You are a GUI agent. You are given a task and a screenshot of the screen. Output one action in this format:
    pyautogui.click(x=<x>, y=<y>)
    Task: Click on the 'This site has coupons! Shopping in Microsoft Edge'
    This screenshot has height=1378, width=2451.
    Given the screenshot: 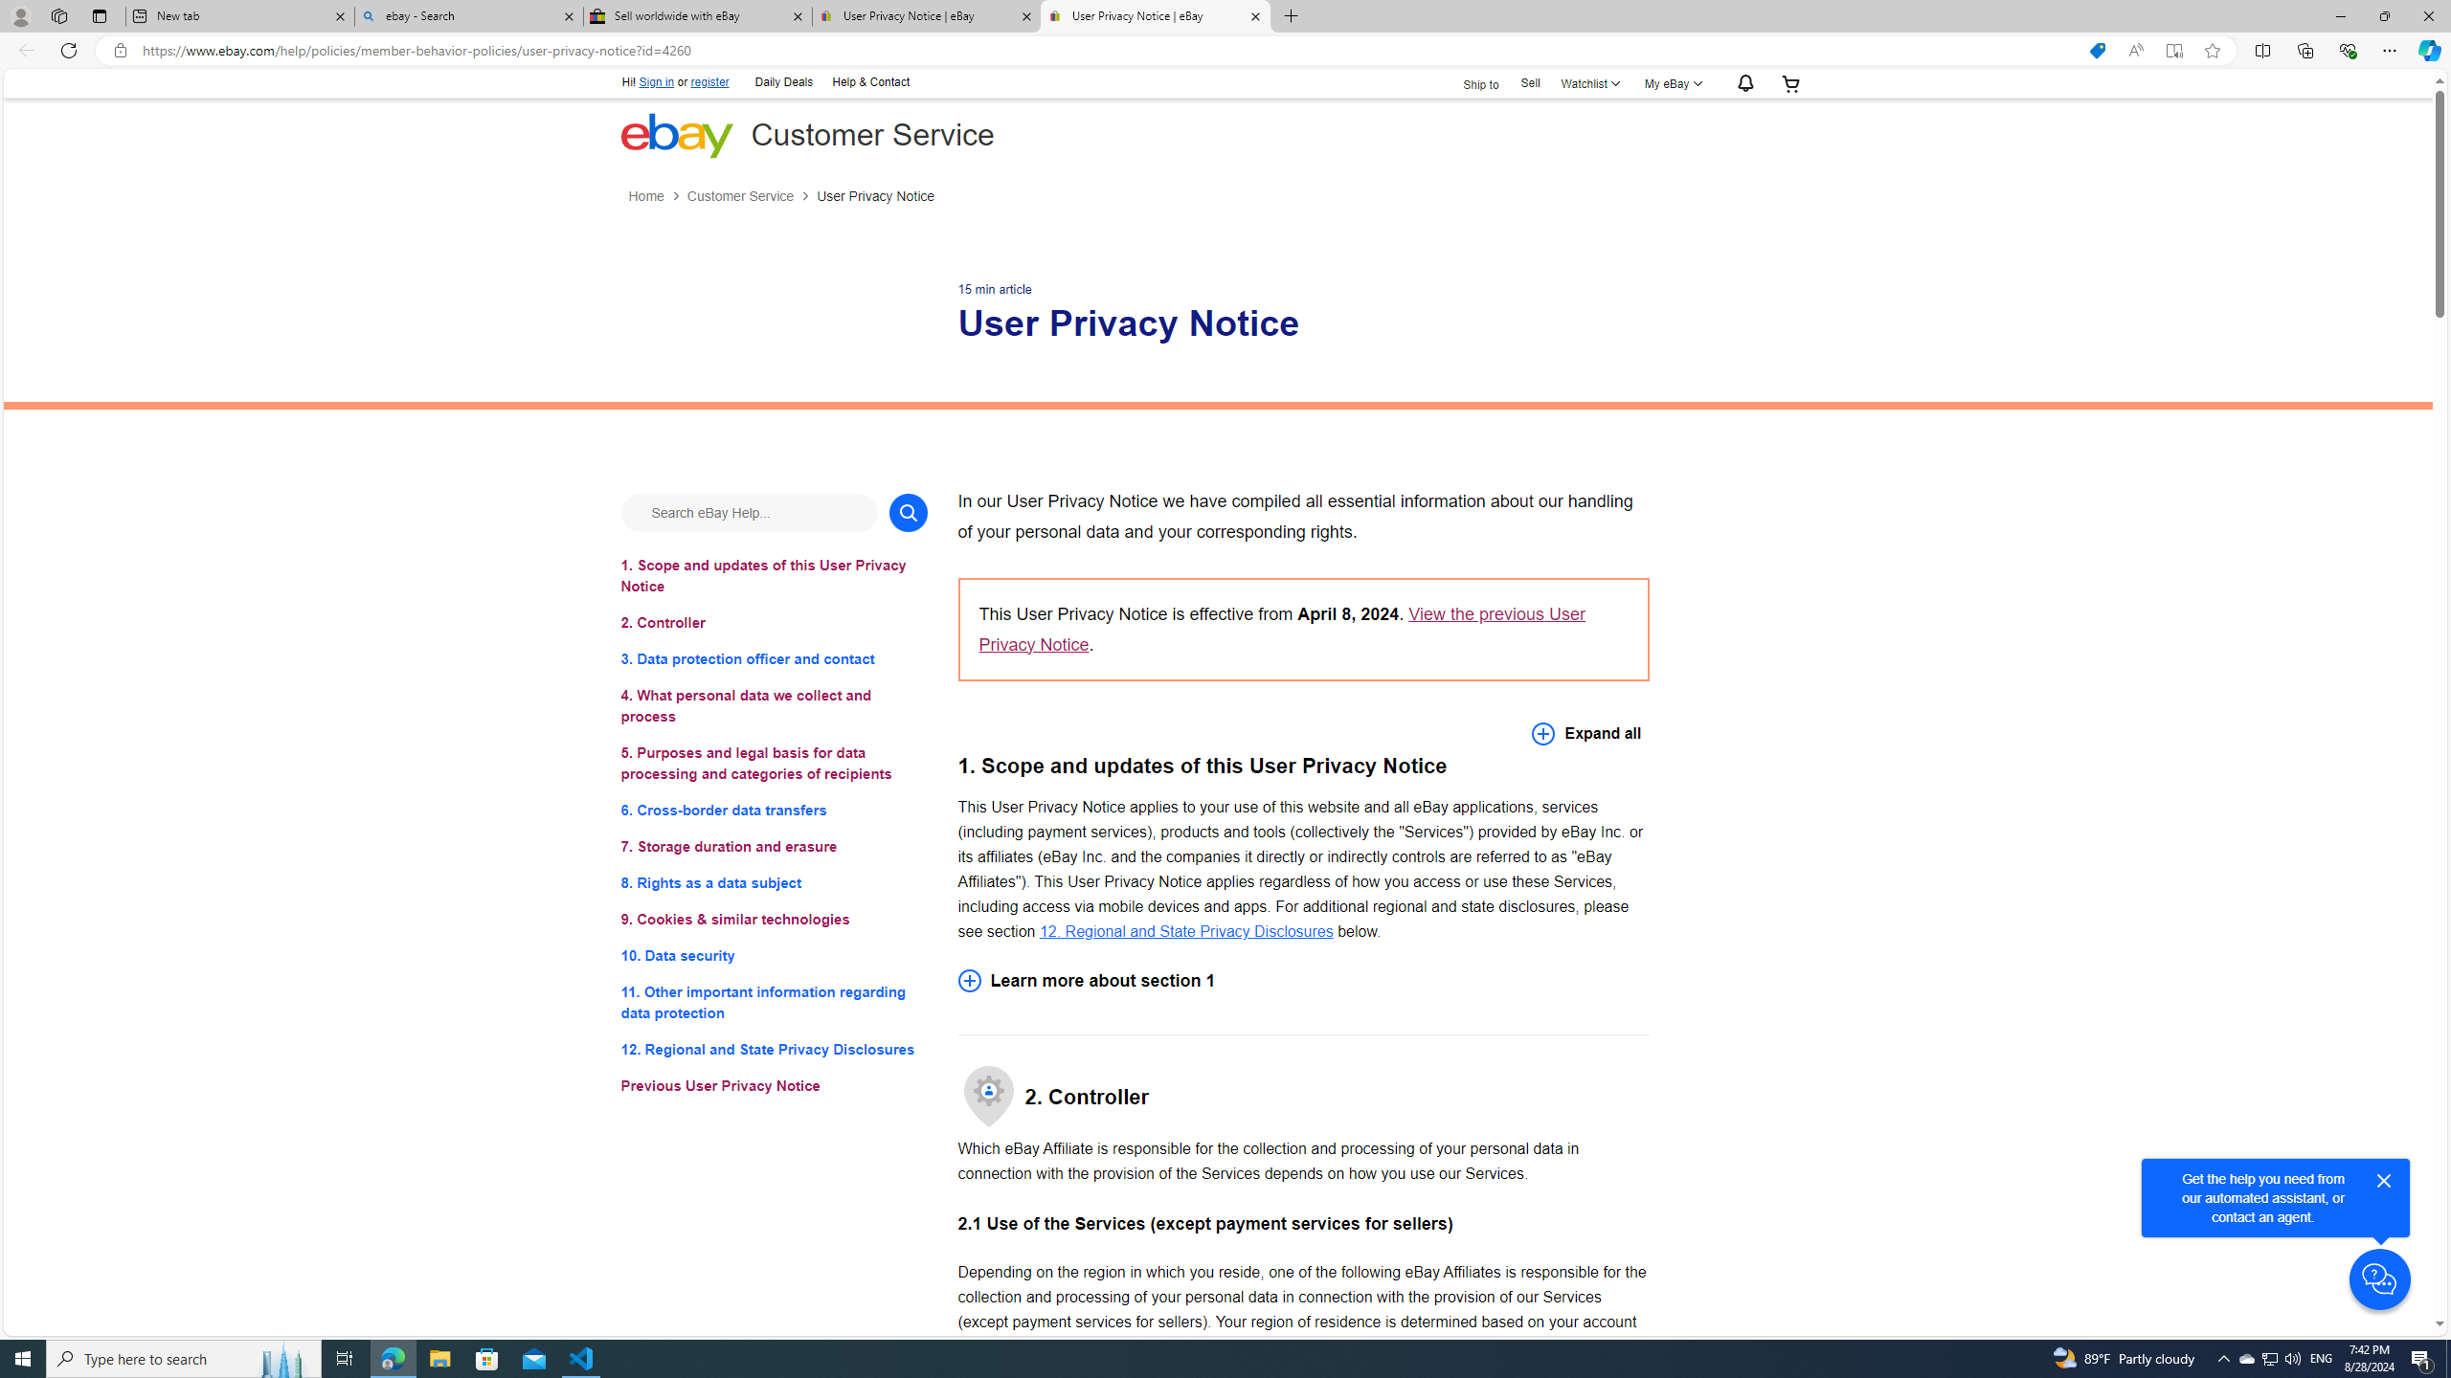 What is the action you would take?
    pyautogui.click(x=2097, y=51)
    